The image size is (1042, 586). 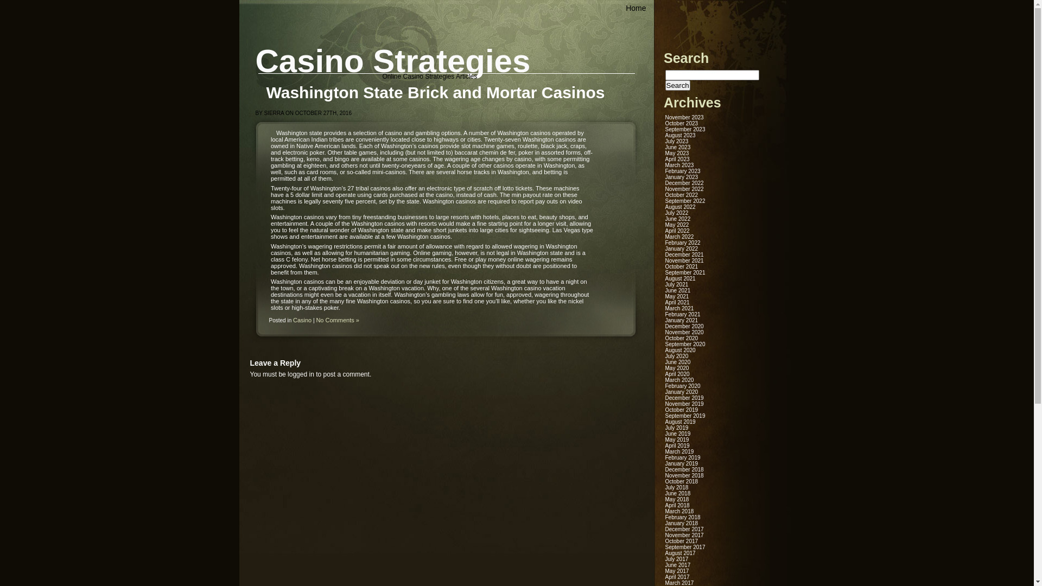 What do you see at coordinates (677, 564) in the screenshot?
I see `'June 2017'` at bounding box center [677, 564].